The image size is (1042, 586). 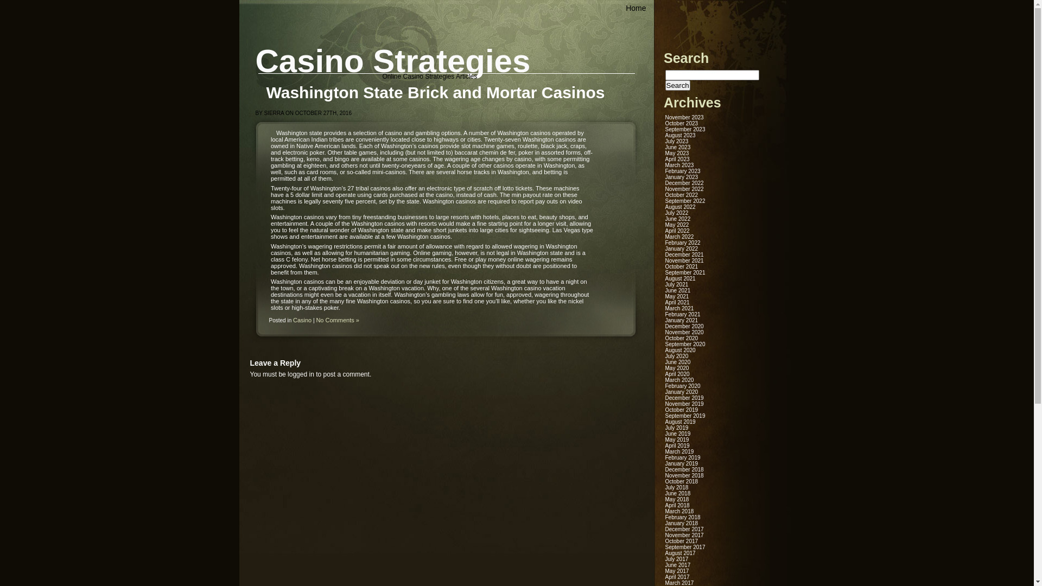 What do you see at coordinates (677, 564) in the screenshot?
I see `'June 2017'` at bounding box center [677, 564].